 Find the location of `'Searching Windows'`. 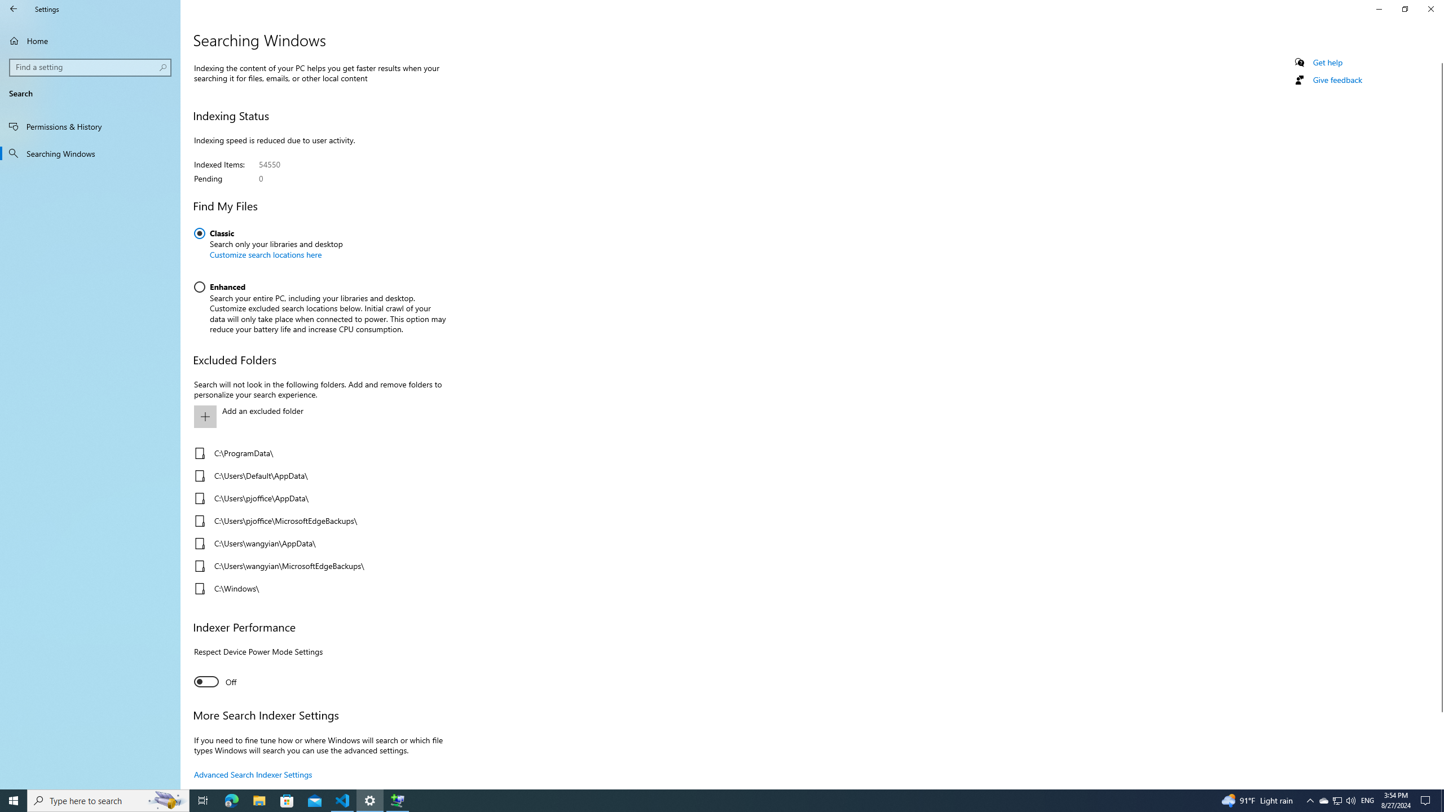

'Searching Windows' is located at coordinates (90, 153).